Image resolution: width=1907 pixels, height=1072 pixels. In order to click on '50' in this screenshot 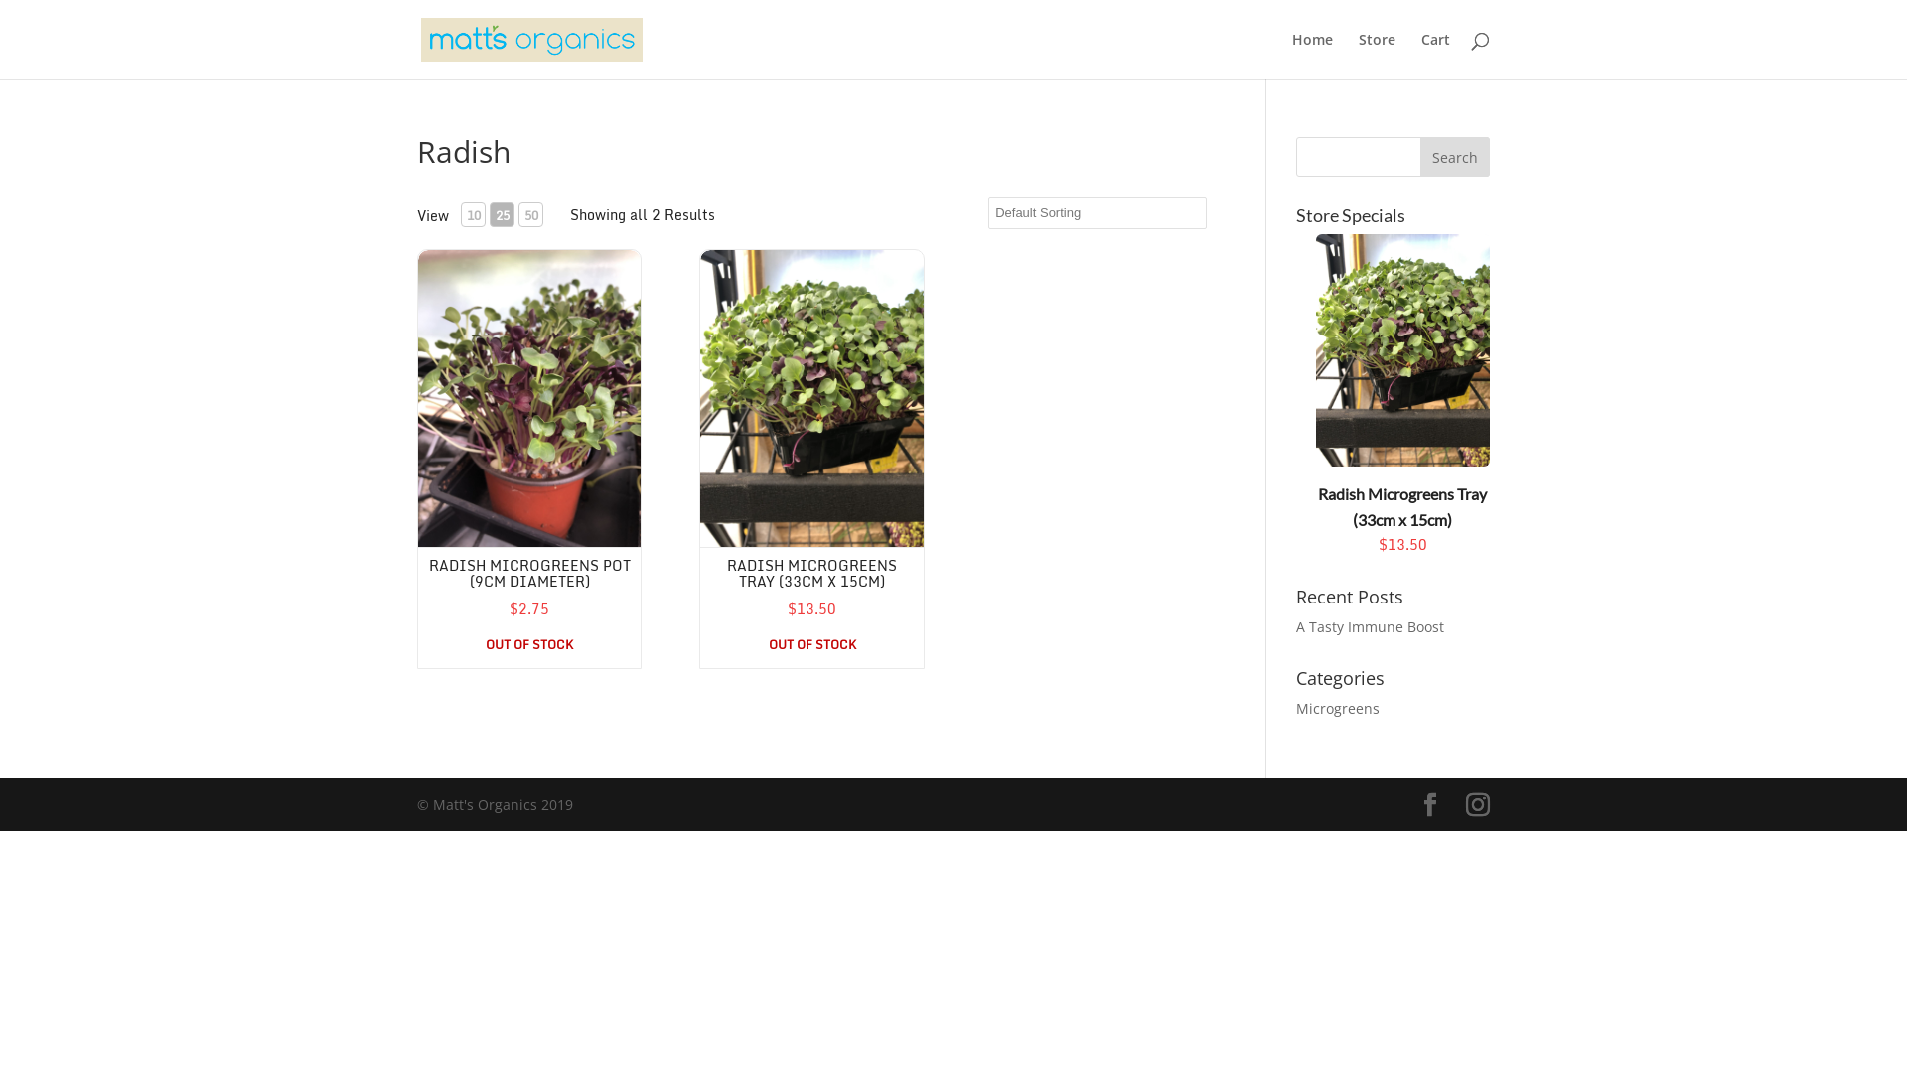, I will do `click(518, 214)`.